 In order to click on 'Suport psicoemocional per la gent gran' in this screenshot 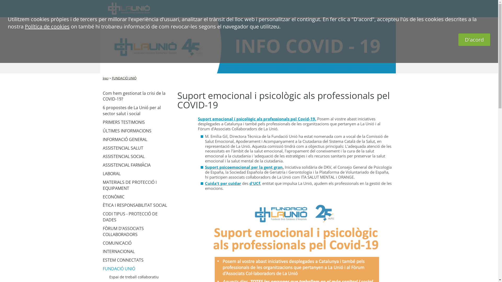, I will do `click(243, 167)`.